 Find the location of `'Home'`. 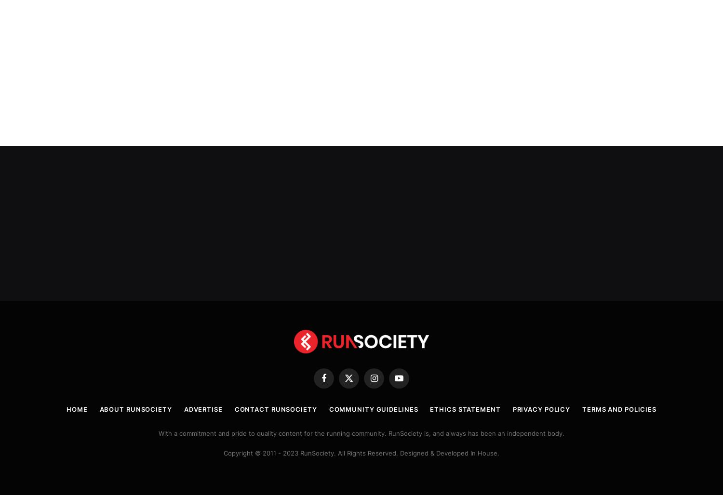

'Home' is located at coordinates (76, 407).